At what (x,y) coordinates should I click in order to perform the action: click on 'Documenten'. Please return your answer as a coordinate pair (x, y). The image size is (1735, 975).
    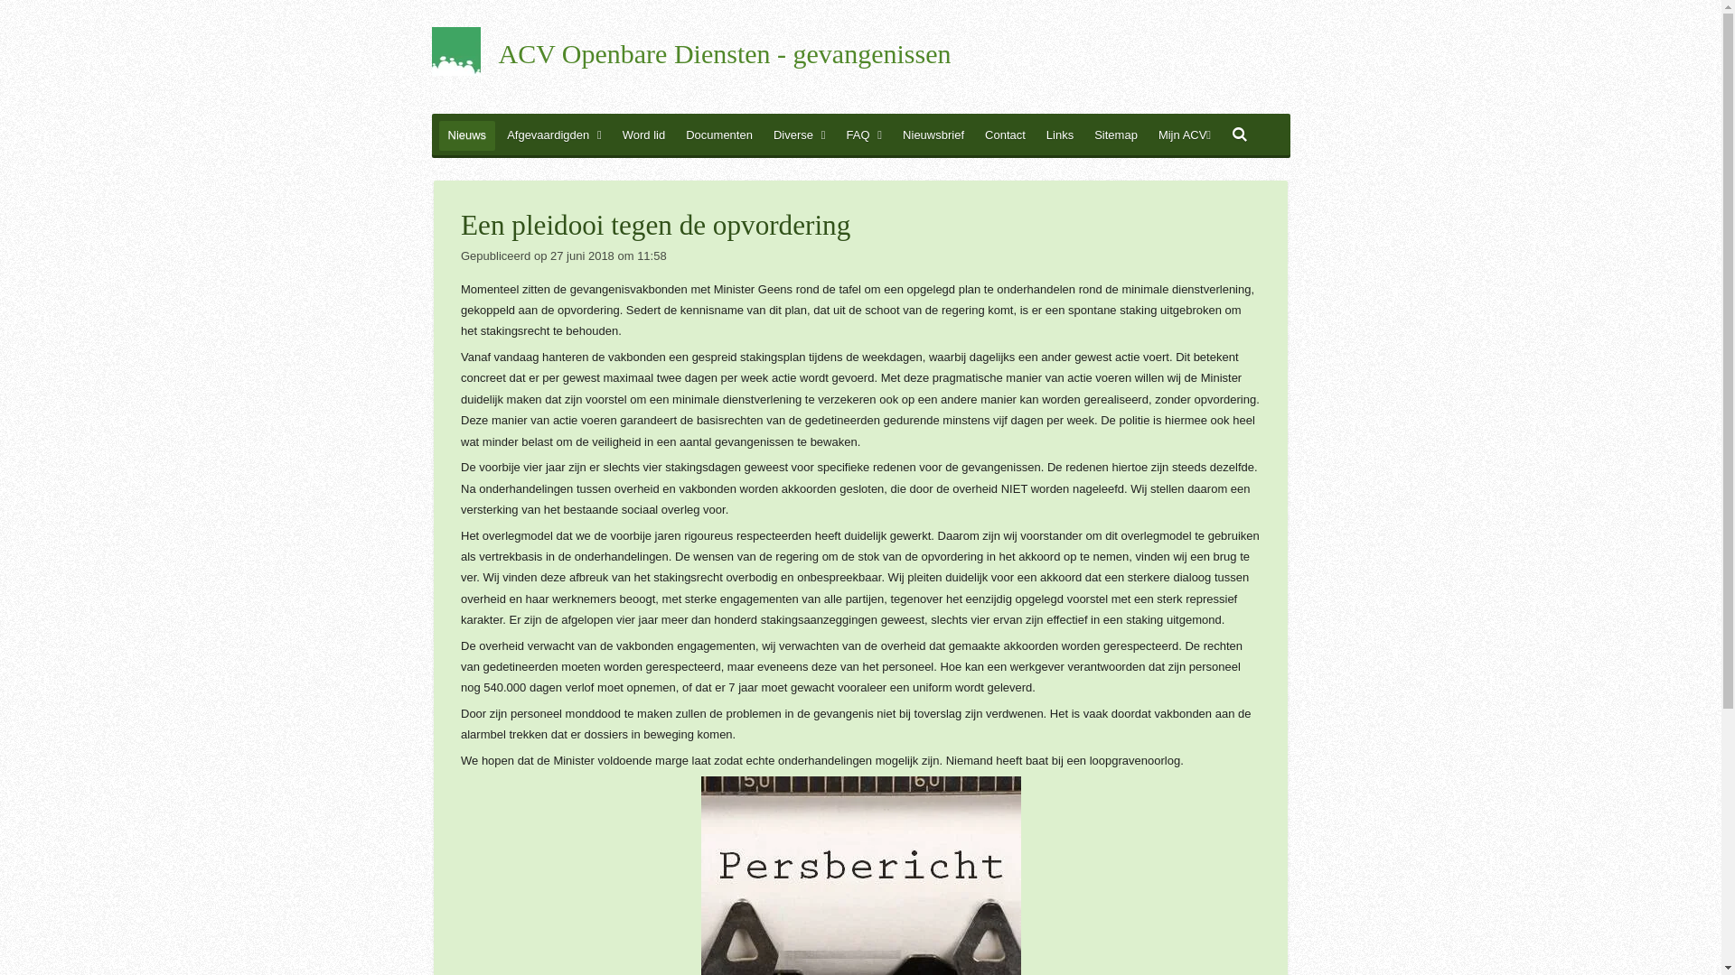
    Looking at the image, I should click on (718, 135).